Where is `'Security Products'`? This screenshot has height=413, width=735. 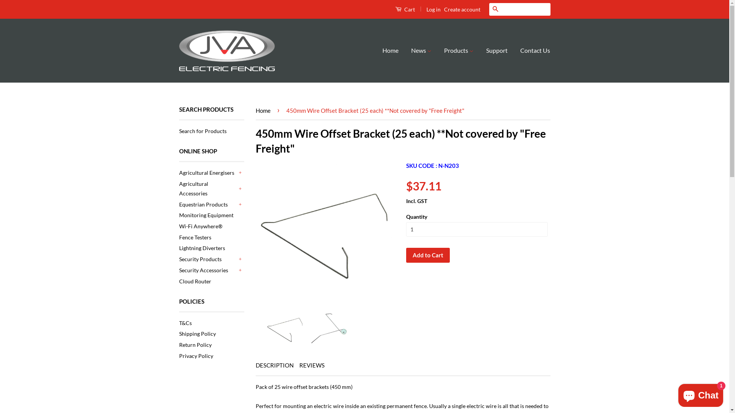
'Security Products' is located at coordinates (207, 259).